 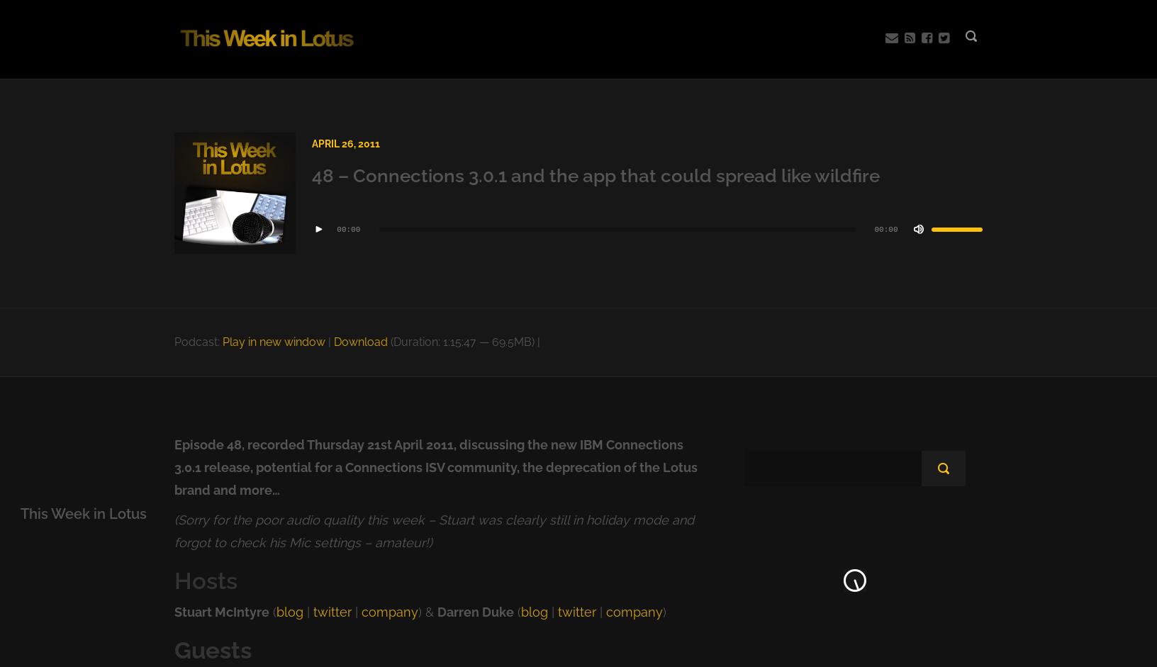 I want to click on 'April 26, 2011', so click(x=344, y=143).